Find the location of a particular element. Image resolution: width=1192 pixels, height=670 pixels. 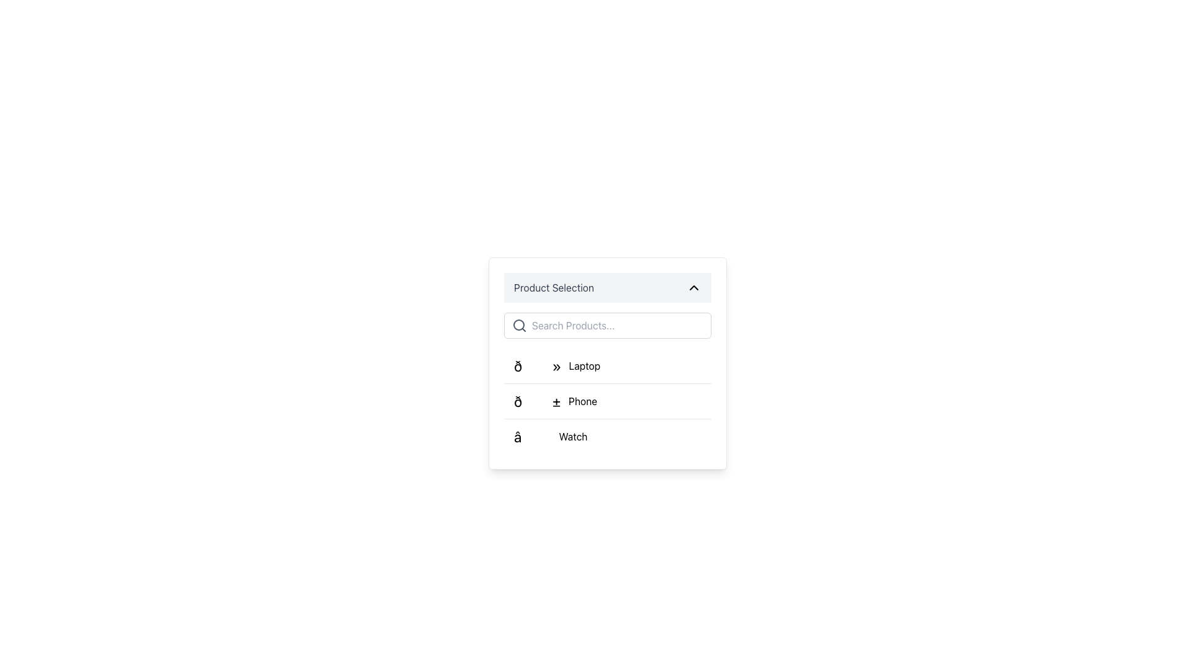

the text label displaying the word 'Laptop' in black font, which is part of the product selection interface and positioned under the 'Product Selection' header is located at coordinates (584, 365).